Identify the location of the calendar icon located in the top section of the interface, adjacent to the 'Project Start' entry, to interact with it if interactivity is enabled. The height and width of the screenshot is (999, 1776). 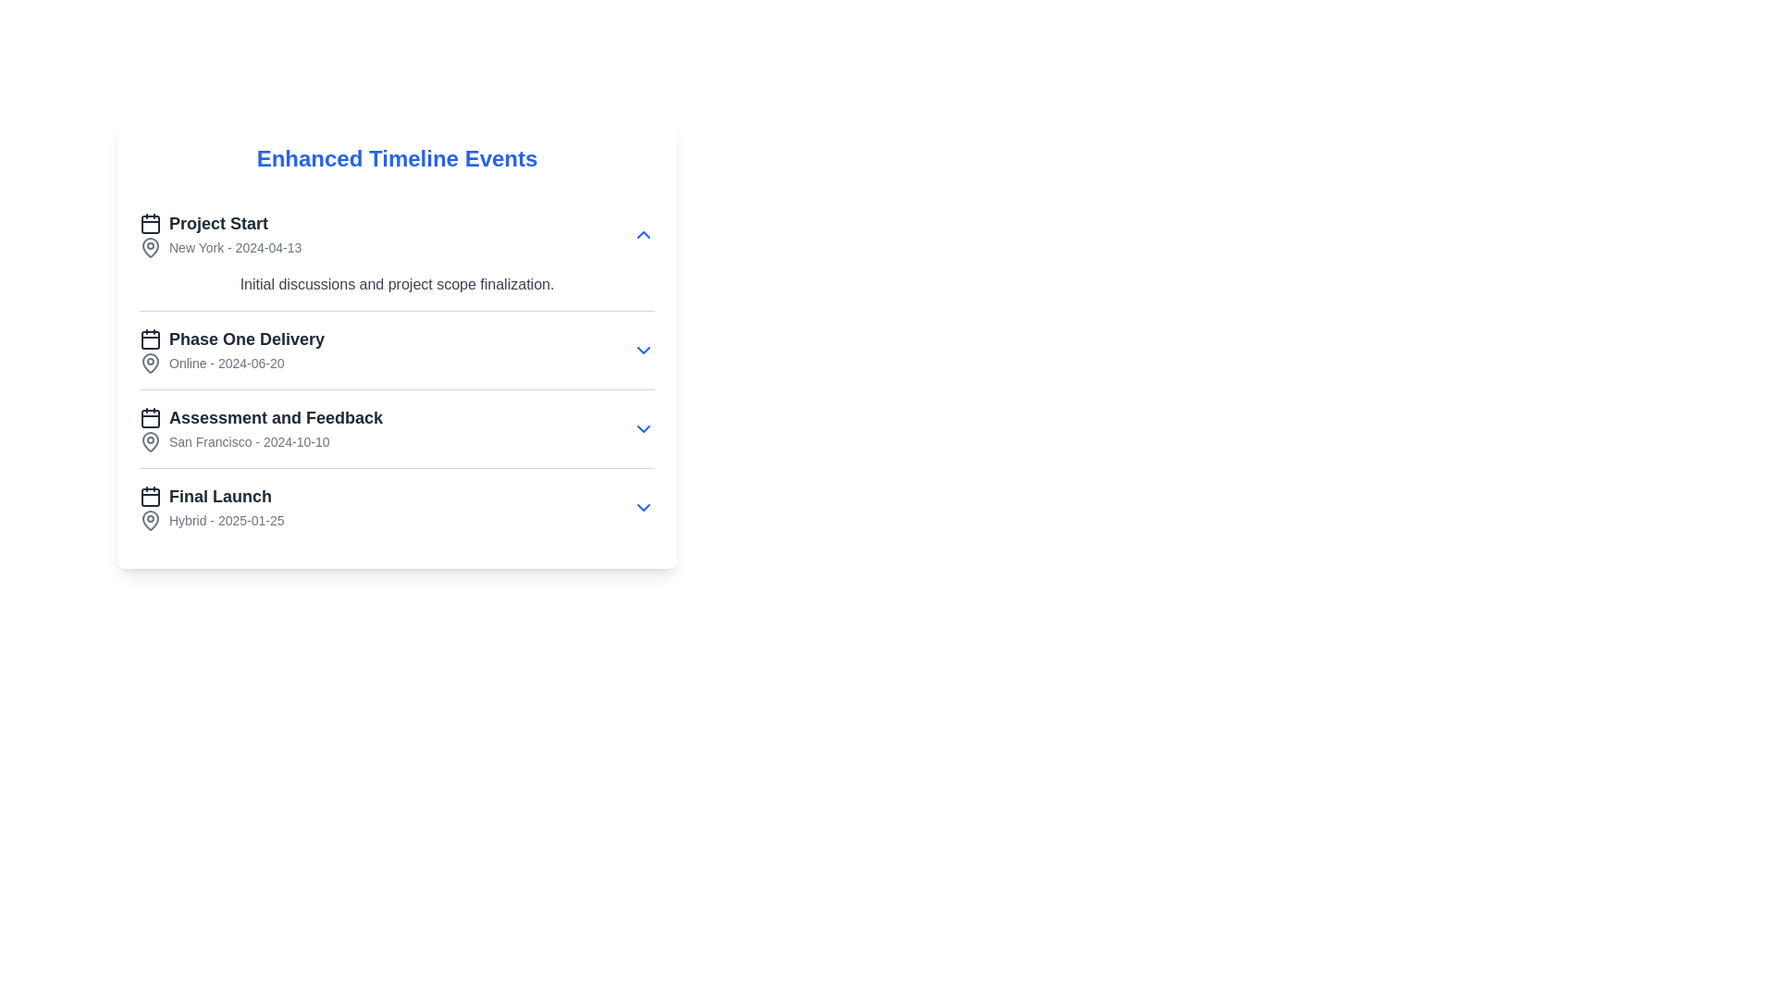
(151, 224).